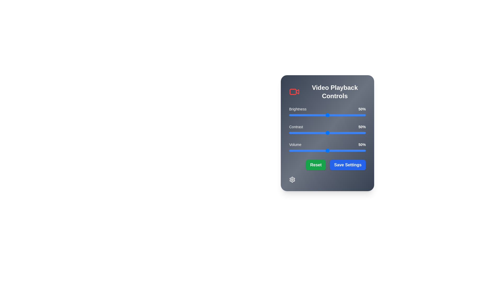 This screenshot has width=502, height=282. What do you see at coordinates (316, 165) in the screenshot?
I see `the 'Reset' button with white text on a green background located in the bottom-left corner of the 'Video Playback Controls' card to reset settings` at bounding box center [316, 165].